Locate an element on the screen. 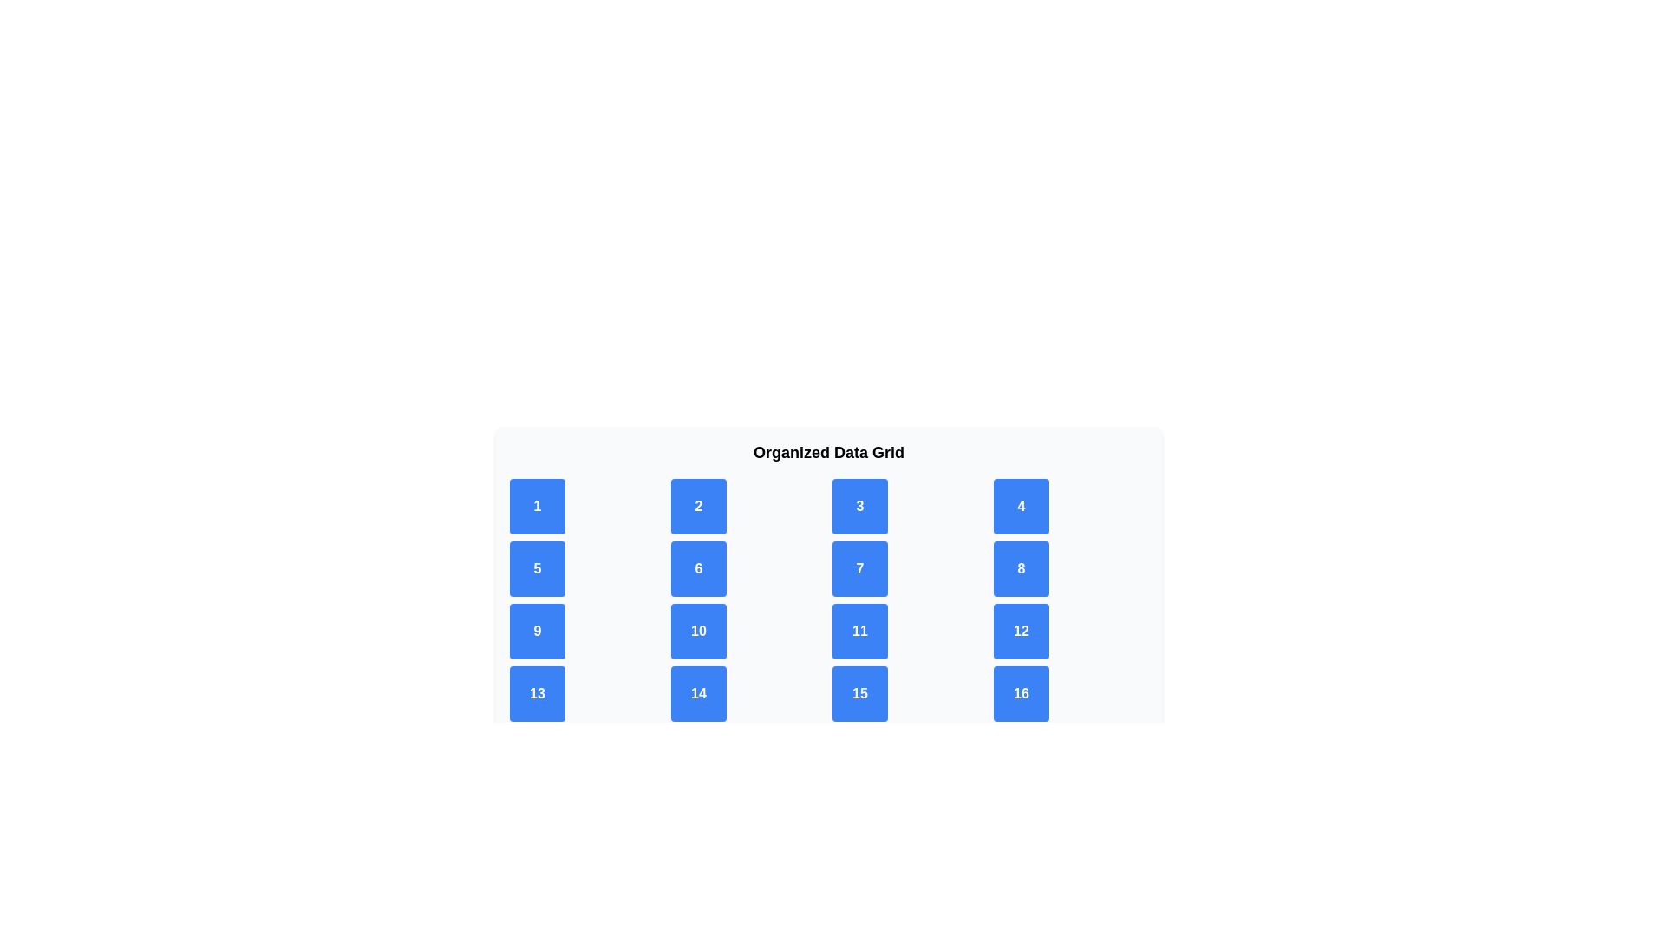  the blue square button displaying '3' with rounded corners and shadow effect, located in the first row, third position of the grid layout is located at coordinates (860, 506).